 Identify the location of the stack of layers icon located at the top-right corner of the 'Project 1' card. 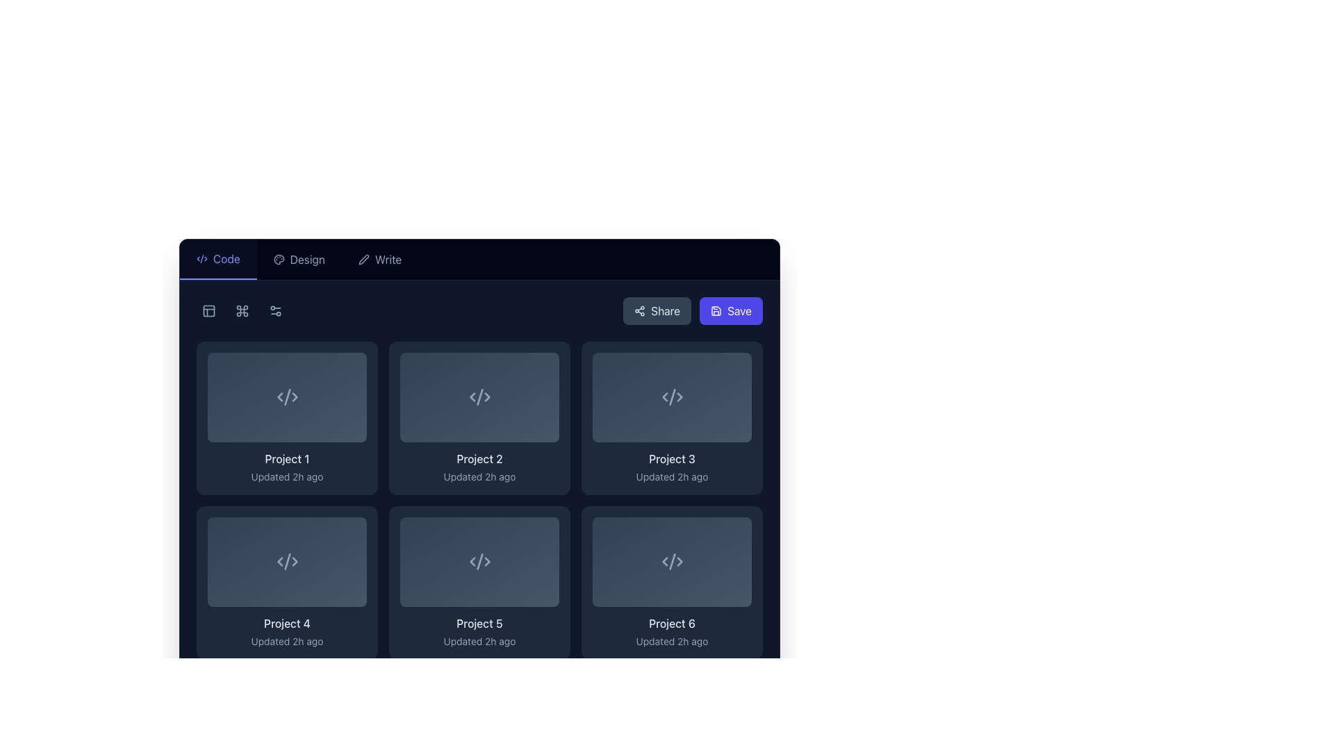
(363, 356).